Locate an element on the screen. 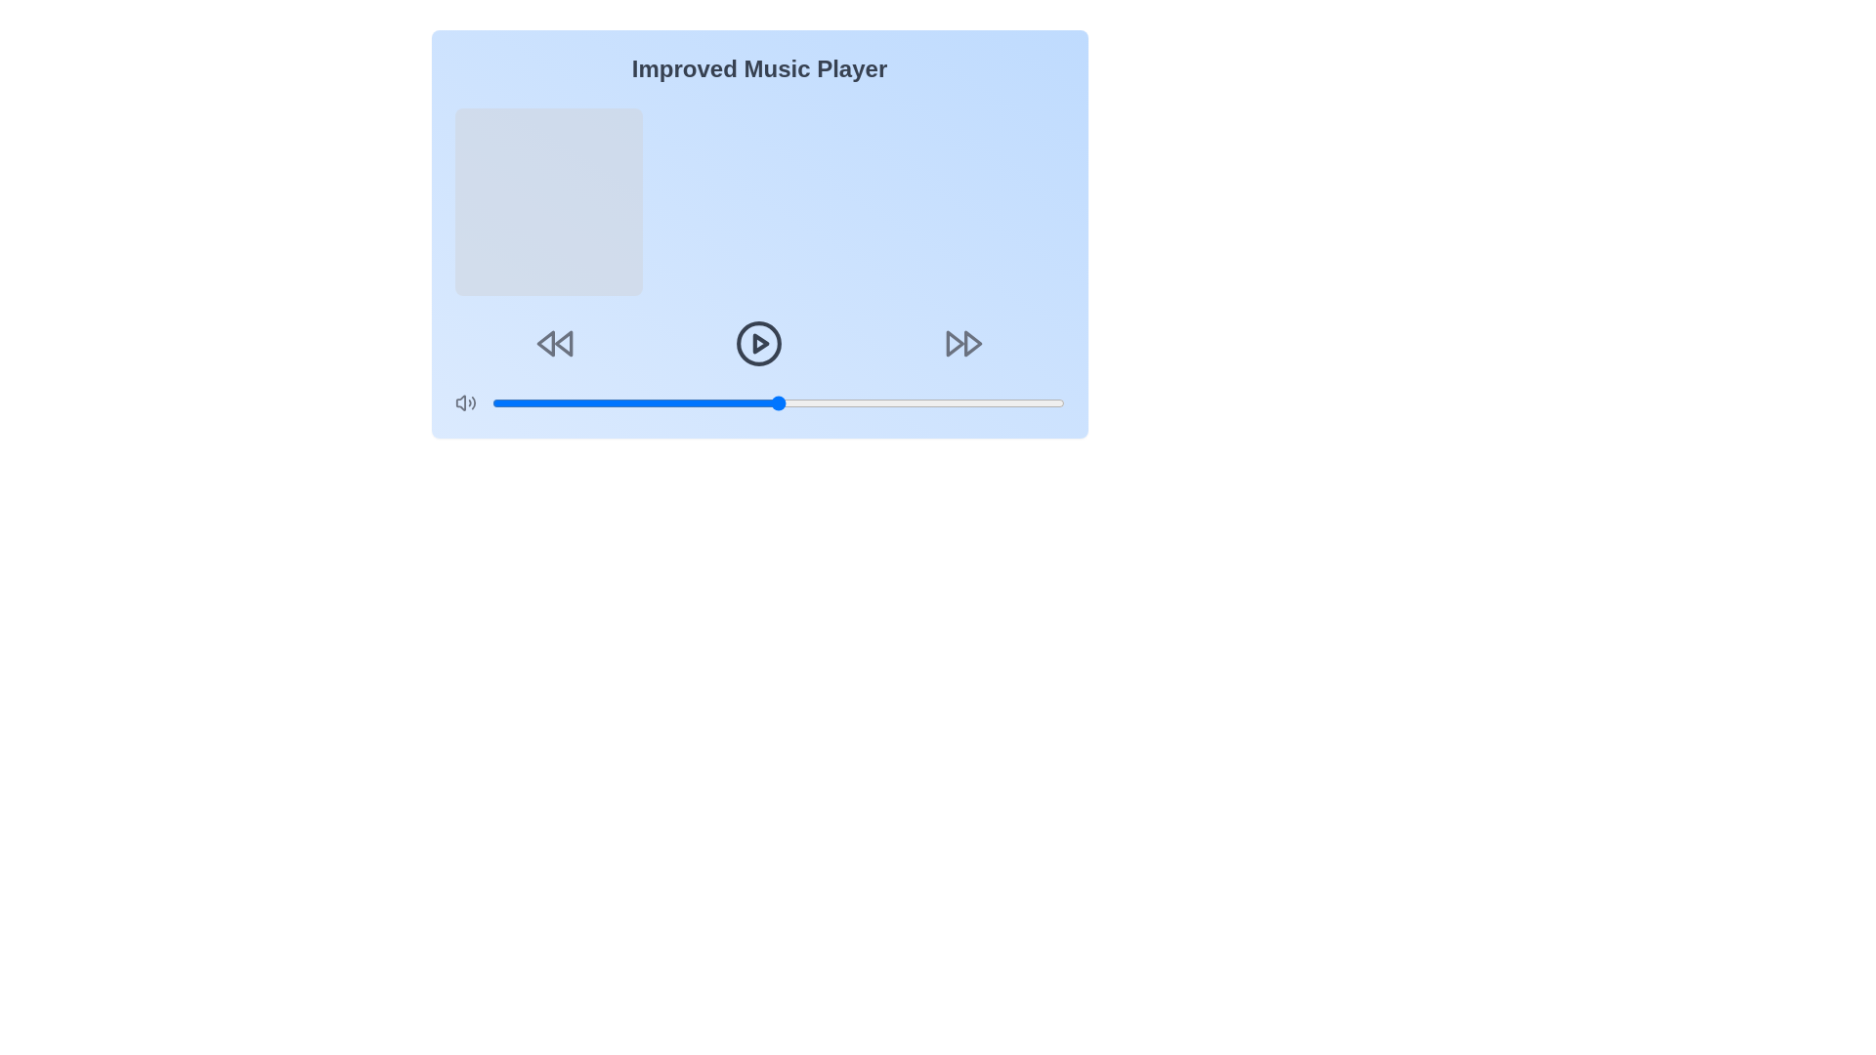  the volume is located at coordinates (1017, 401).